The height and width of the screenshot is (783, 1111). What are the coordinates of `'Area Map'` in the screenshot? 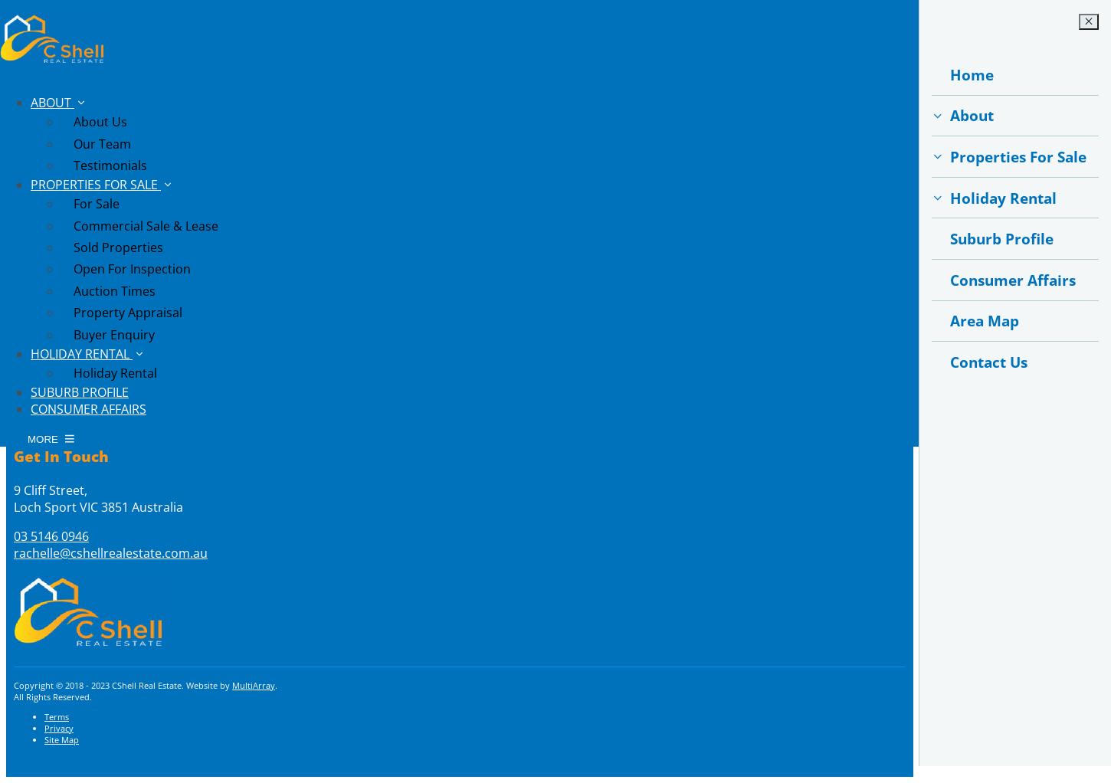 It's located at (984, 320).